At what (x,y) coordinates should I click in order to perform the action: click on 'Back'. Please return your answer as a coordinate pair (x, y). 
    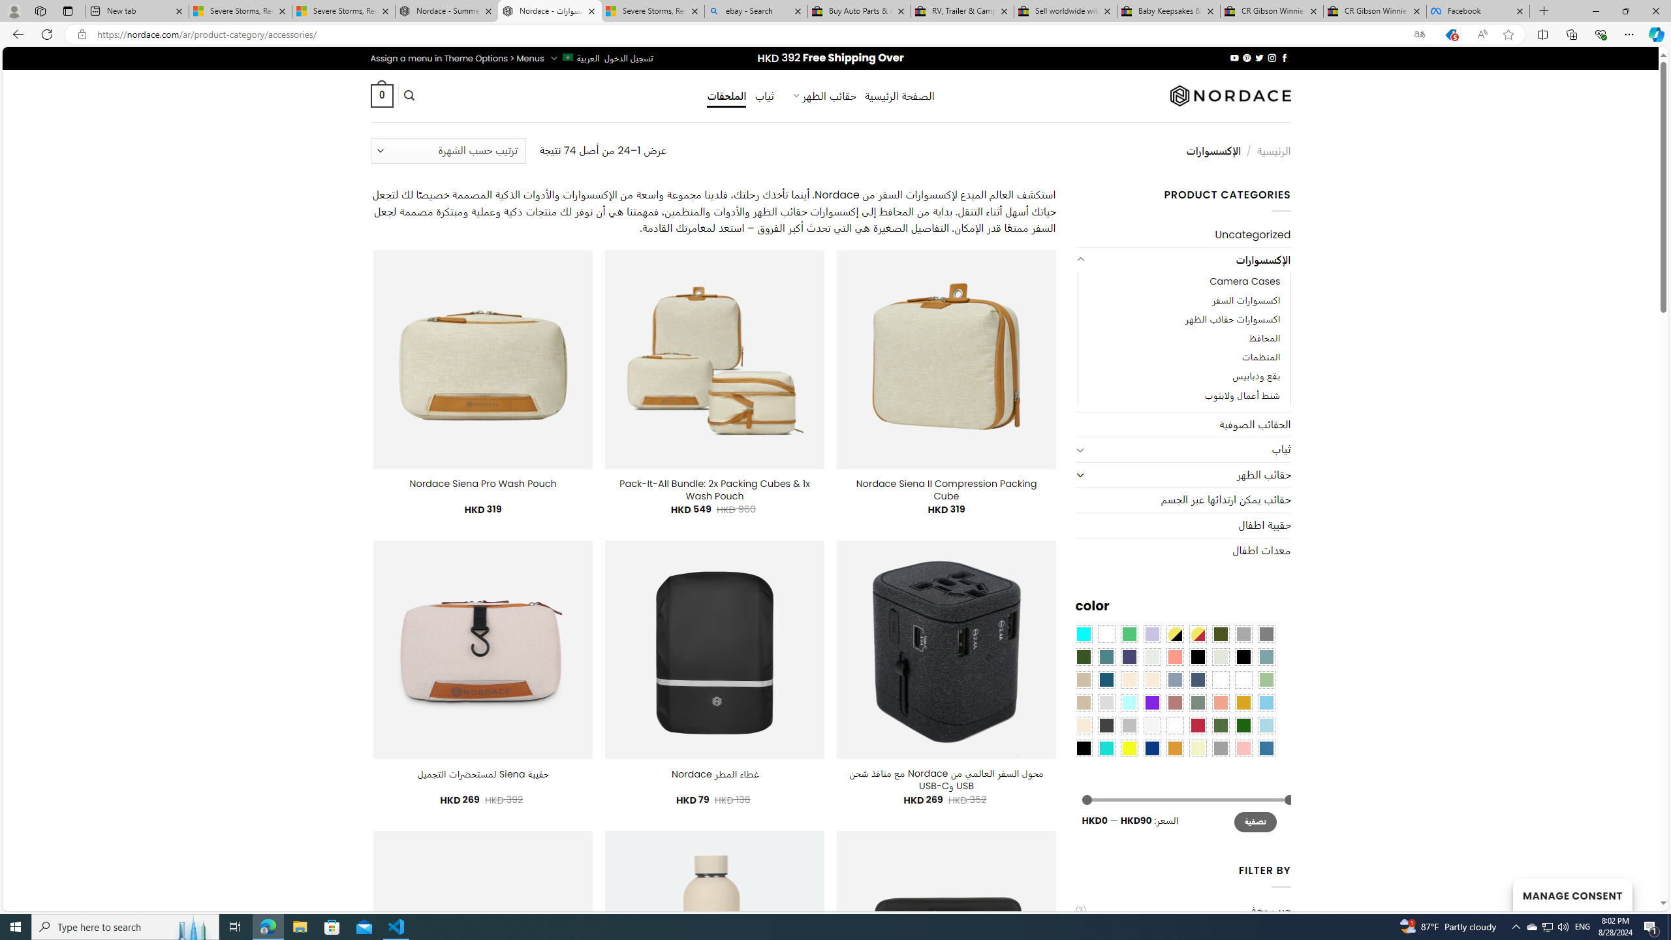
    Looking at the image, I should click on (16, 33).